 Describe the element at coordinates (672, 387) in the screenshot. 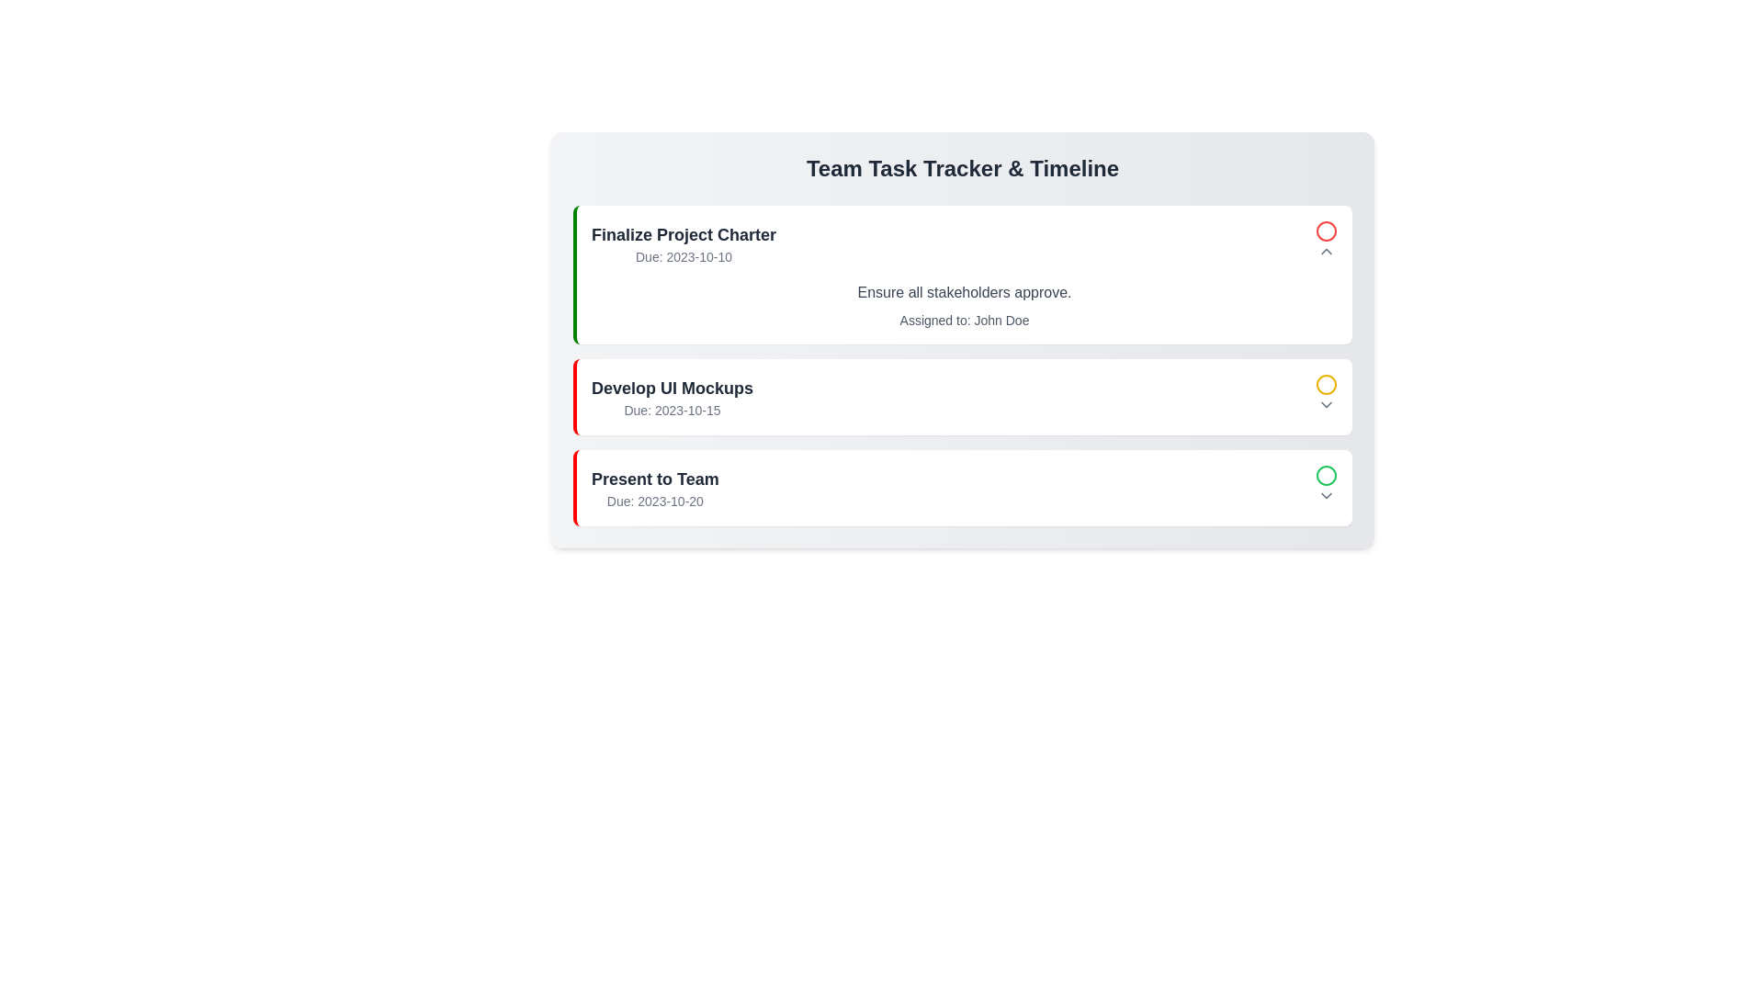

I see `the text label displaying 'Develop UI Mockups' in bold, dark gray font, which is centrally placed within the second task card in the task tracker` at that location.